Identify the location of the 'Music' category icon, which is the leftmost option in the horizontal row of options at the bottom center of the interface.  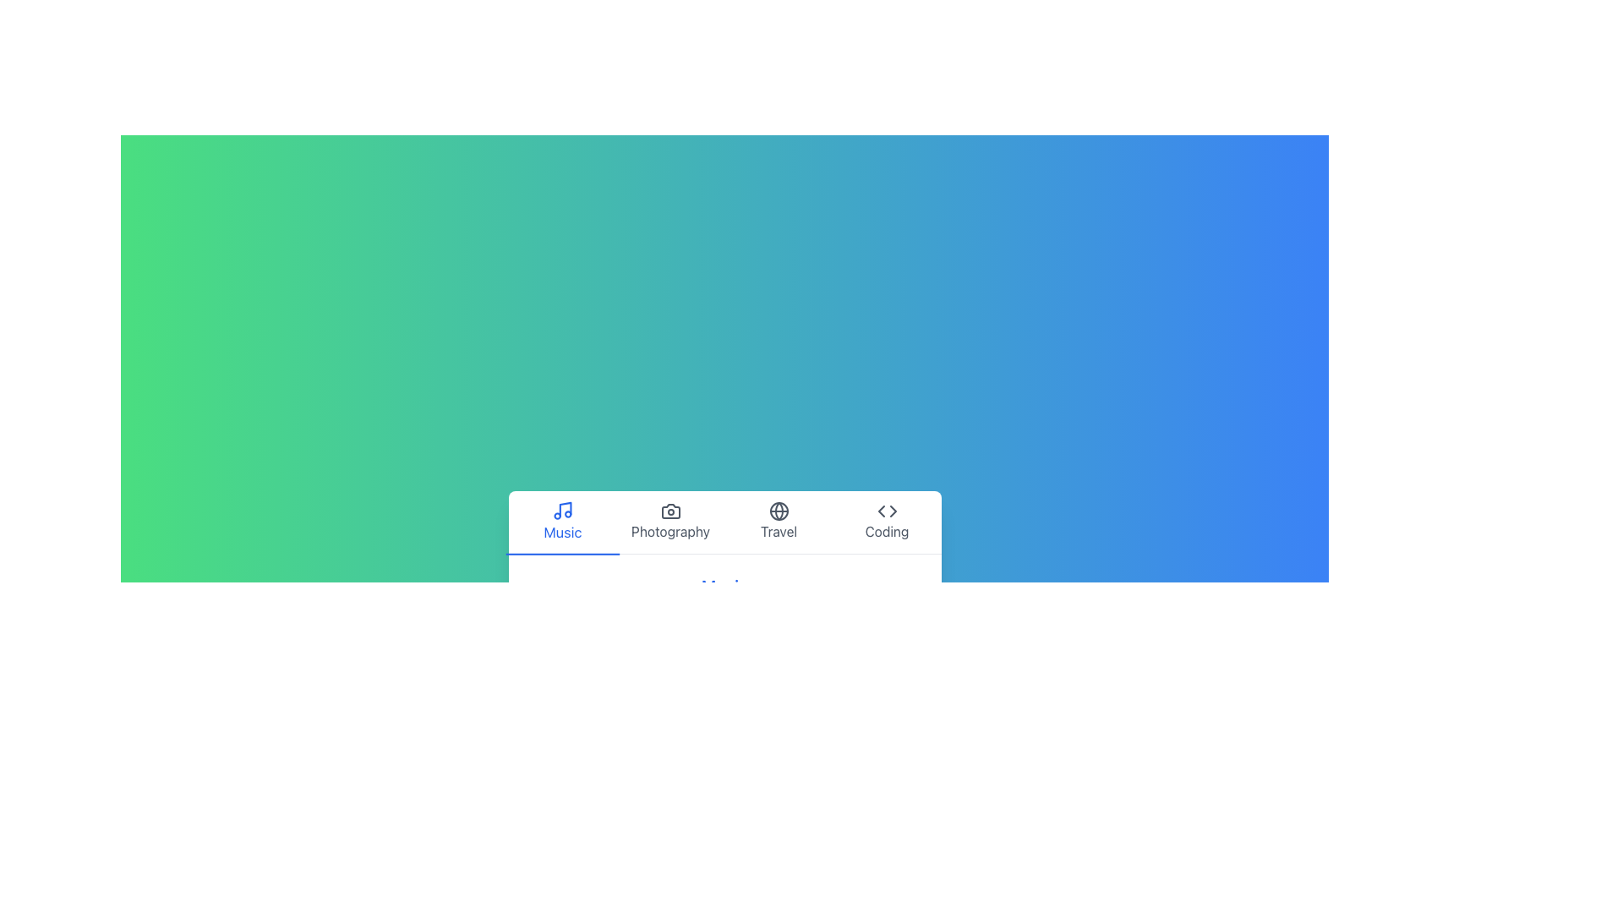
(562, 509).